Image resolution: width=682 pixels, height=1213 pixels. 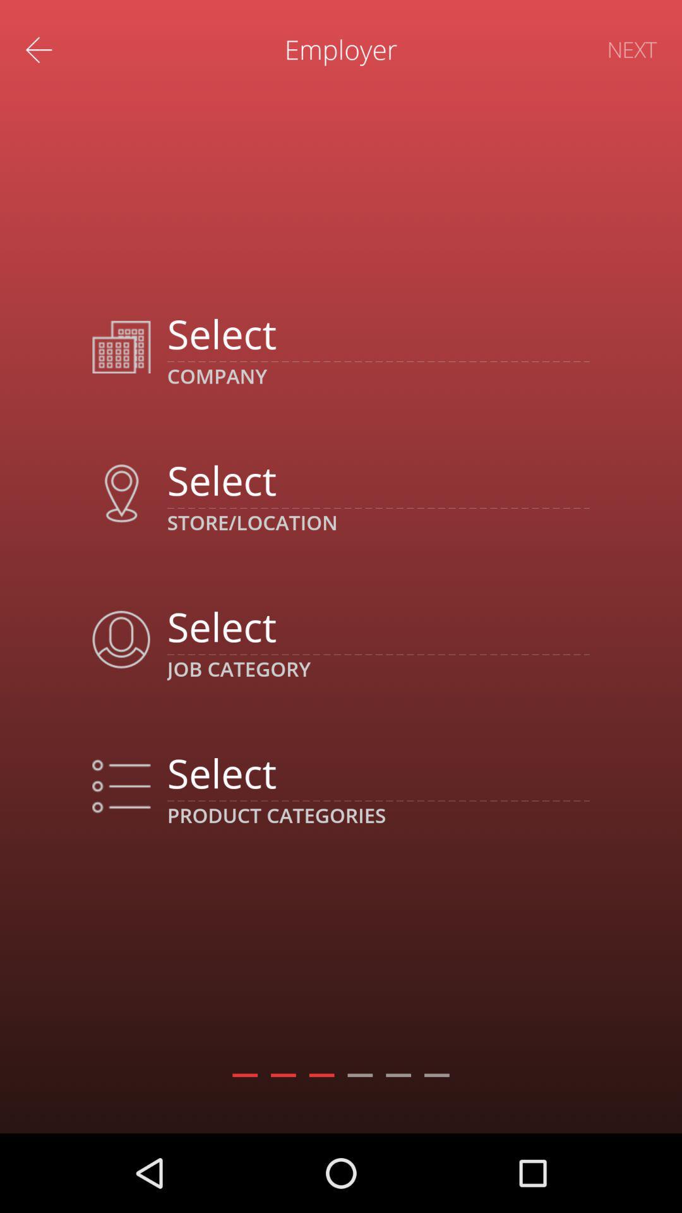 I want to click on choose store, so click(x=378, y=479).